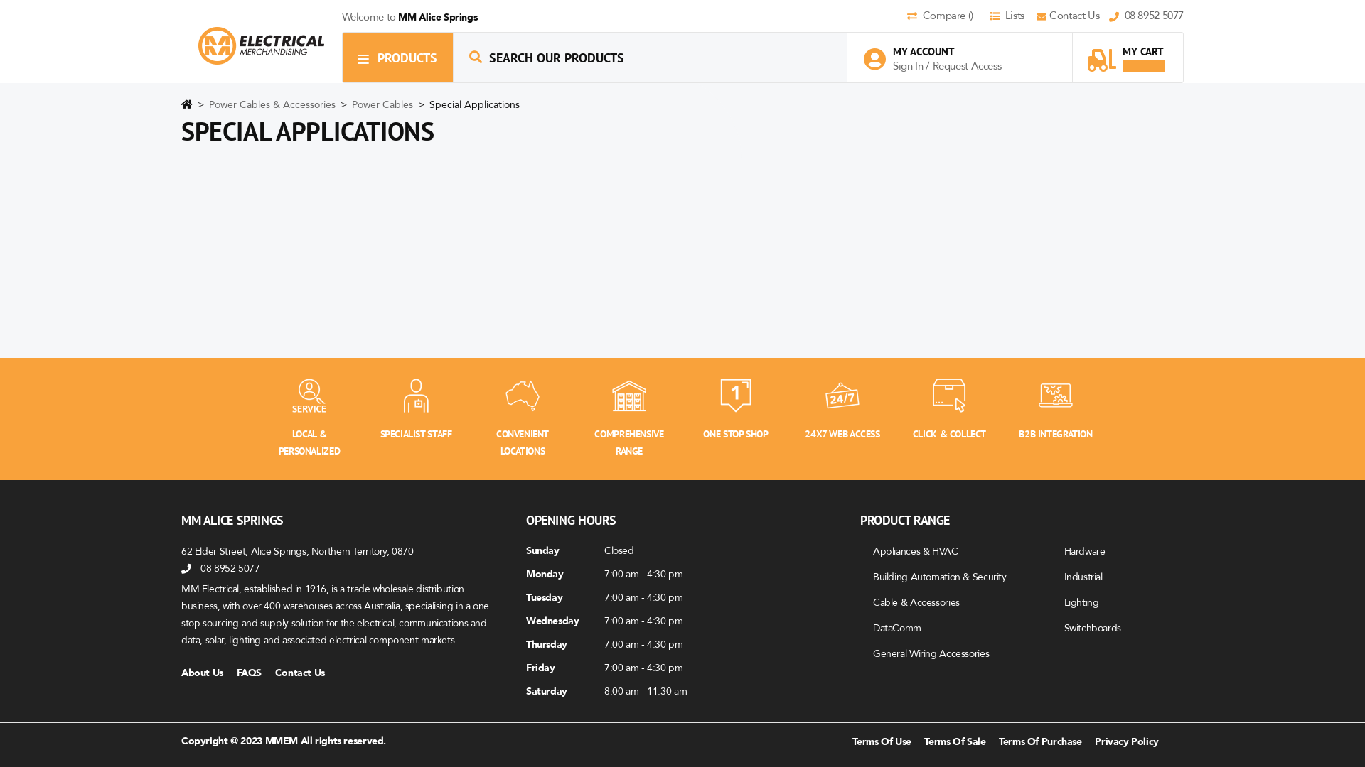  Describe the element at coordinates (1010, 16) in the screenshot. I see `'Lists'` at that location.